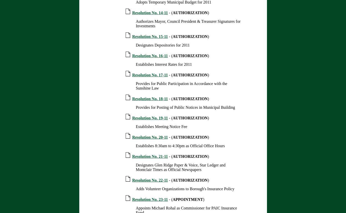 This screenshot has width=346, height=213. I want to click on 'Establishes Meeting Notice Fee', so click(161, 126).